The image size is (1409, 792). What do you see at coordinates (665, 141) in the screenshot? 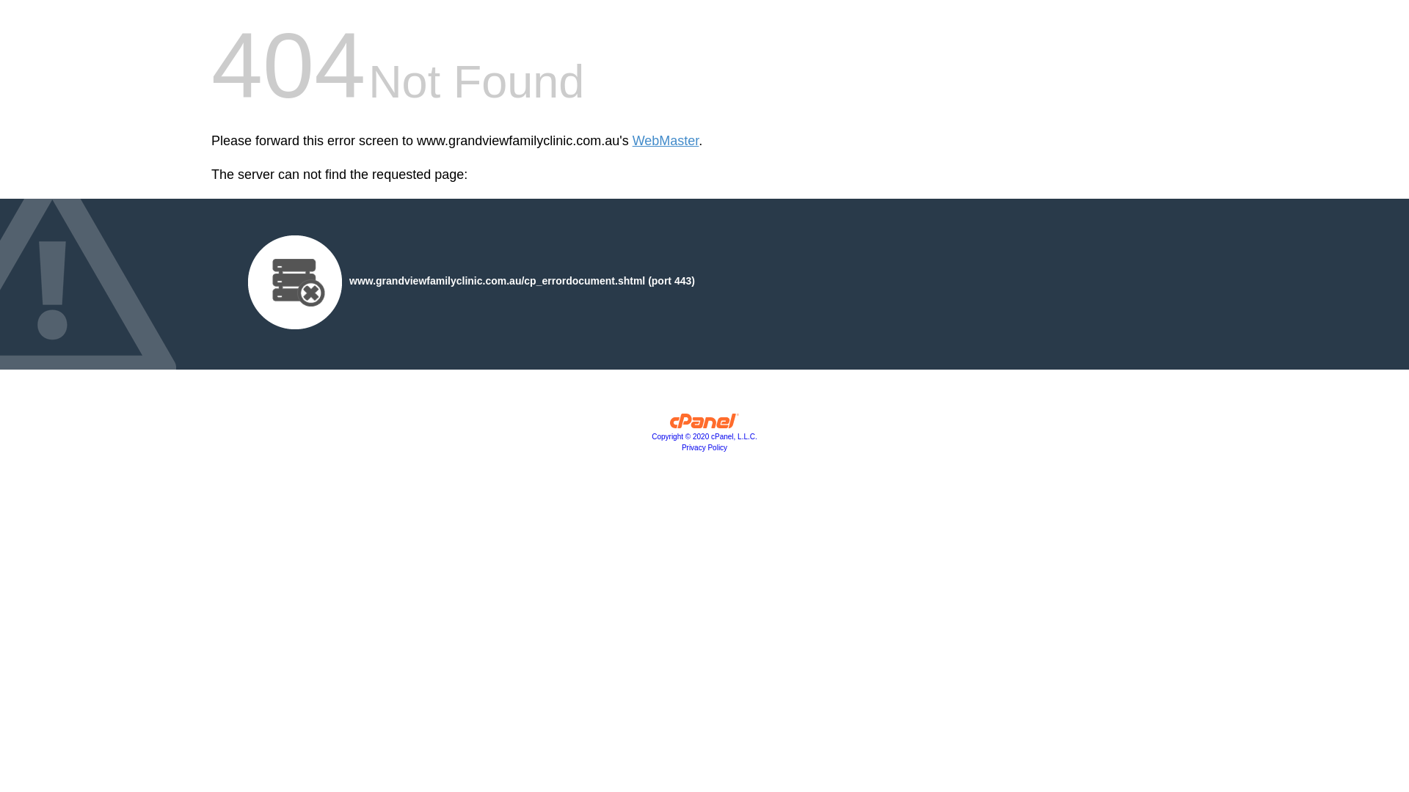
I see `'WebMaster'` at bounding box center [665, 141].